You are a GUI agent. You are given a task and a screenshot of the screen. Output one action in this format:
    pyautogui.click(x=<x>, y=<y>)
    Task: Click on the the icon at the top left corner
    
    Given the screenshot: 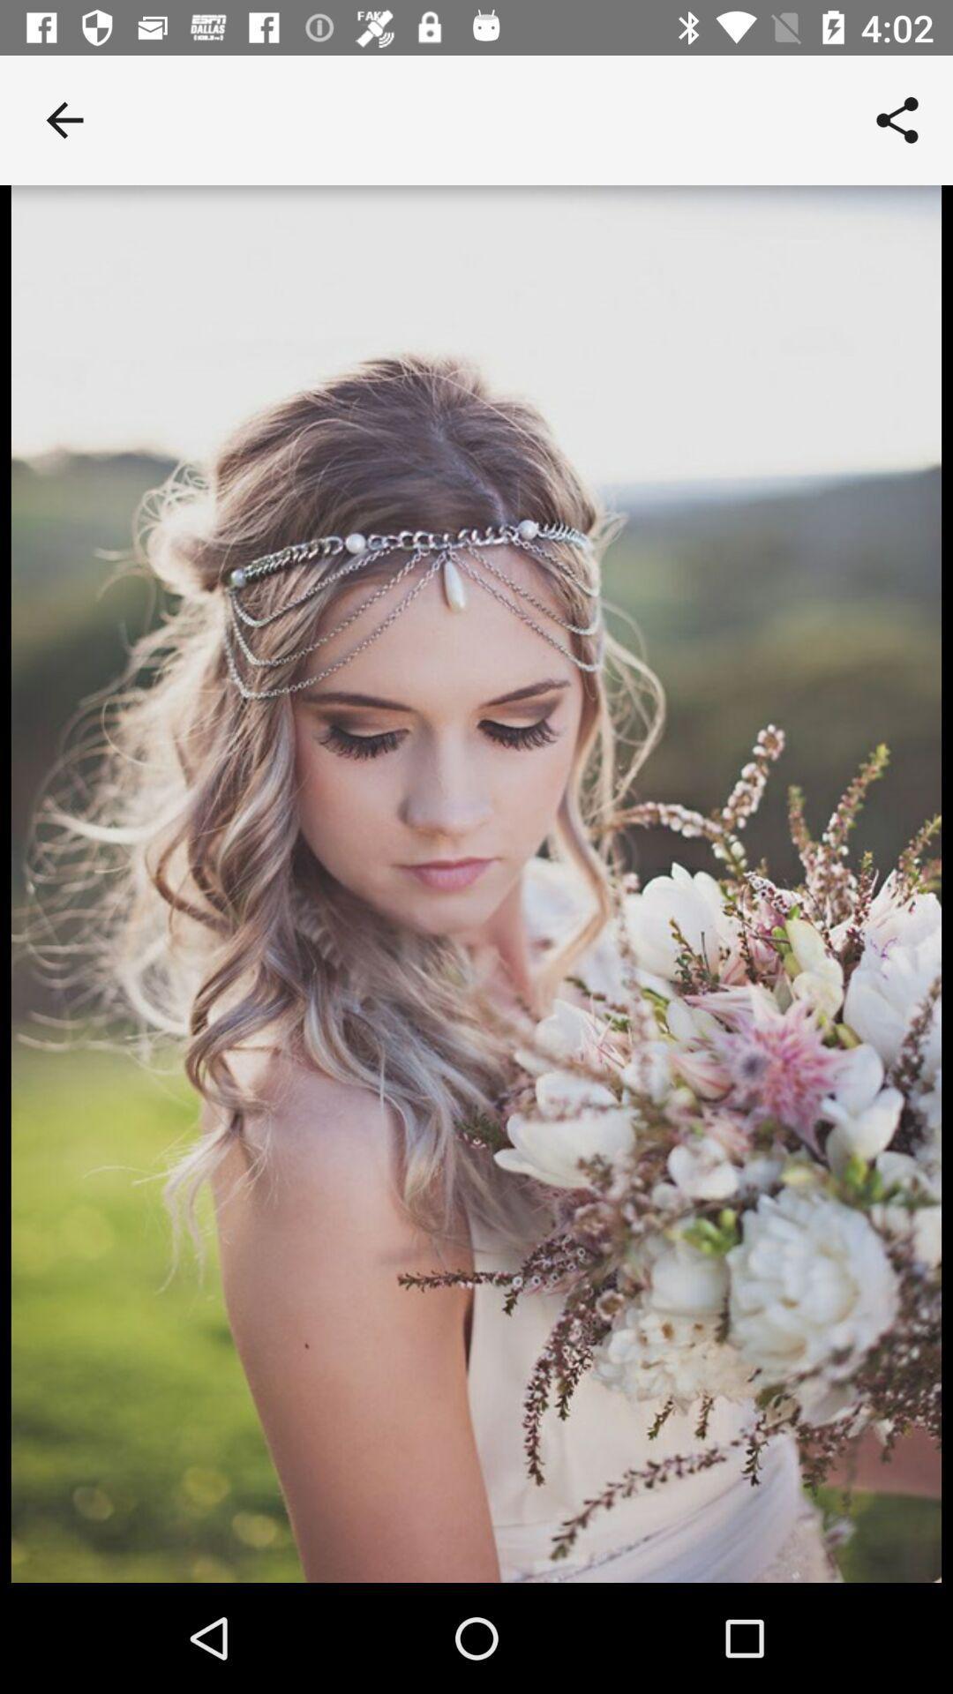 What is the action you would take?
    pyautogui.click(x=64, y=119)
    